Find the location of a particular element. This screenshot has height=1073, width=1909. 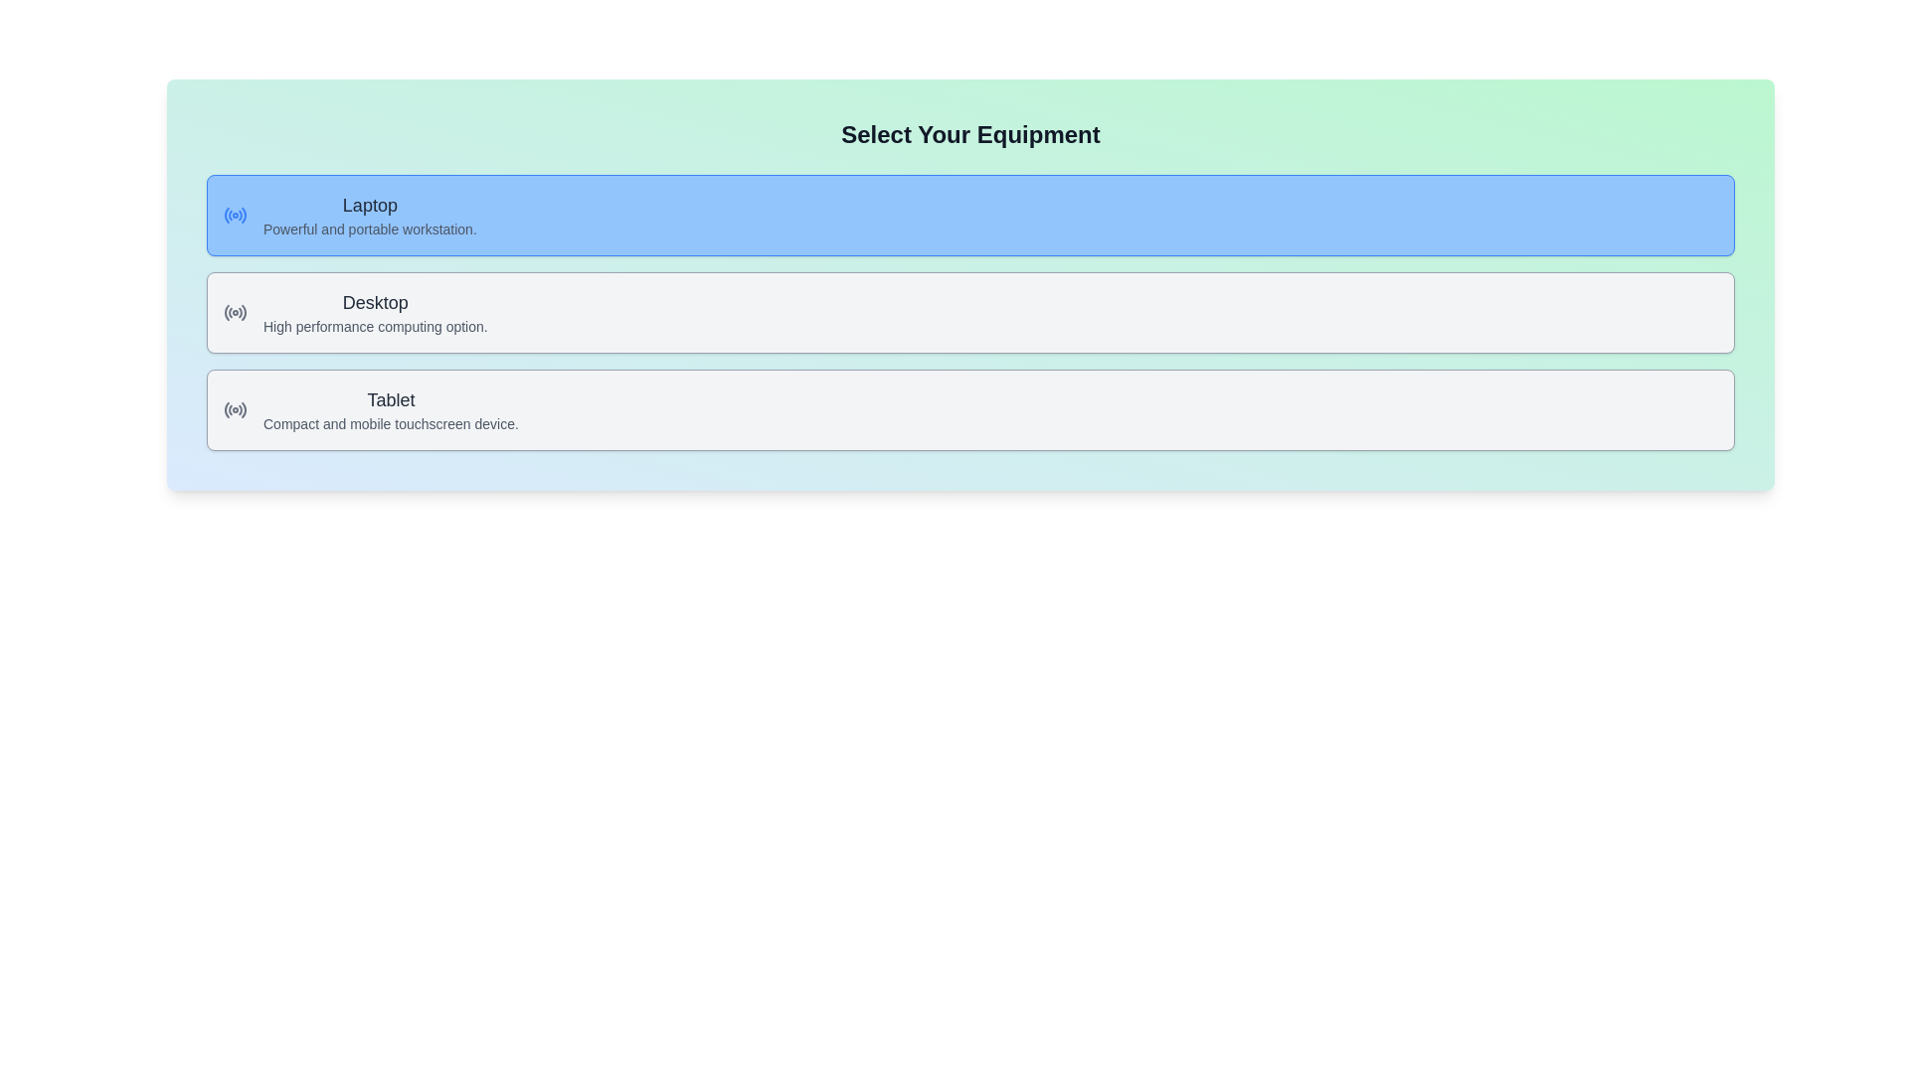

descriptive text located directly below the 'Tablet' header, which is the third item in the vertical list of equipment options is located at coordinates (391, 423).